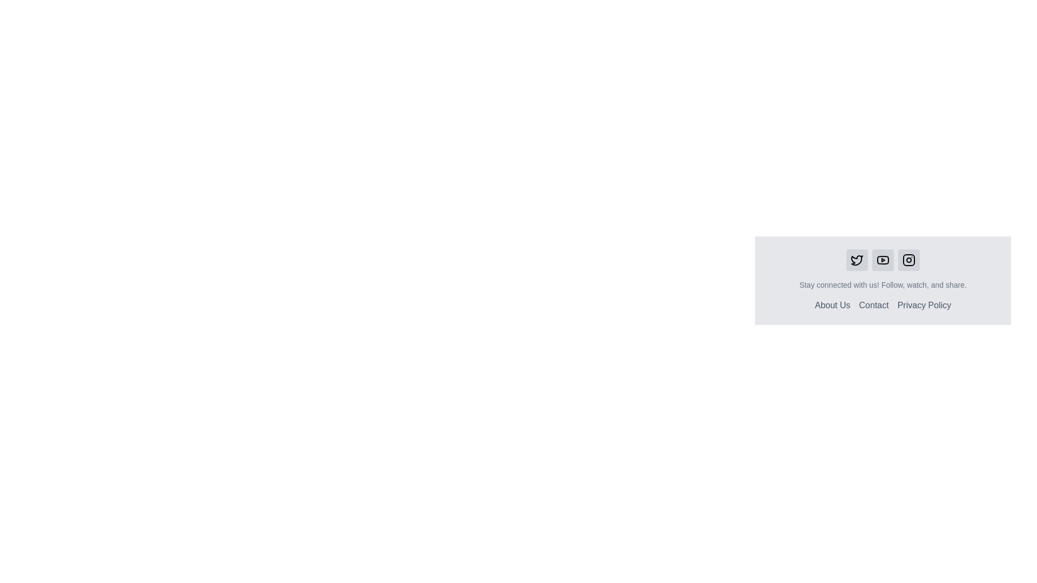 The image size is (1037, 583). Describe the element at coordinates (883, 260) in the screenshot. I see `the YouTube icon button located in the lower-central section of the interface, specifically the second icon among three circular icons representing social media platforms` at that location.